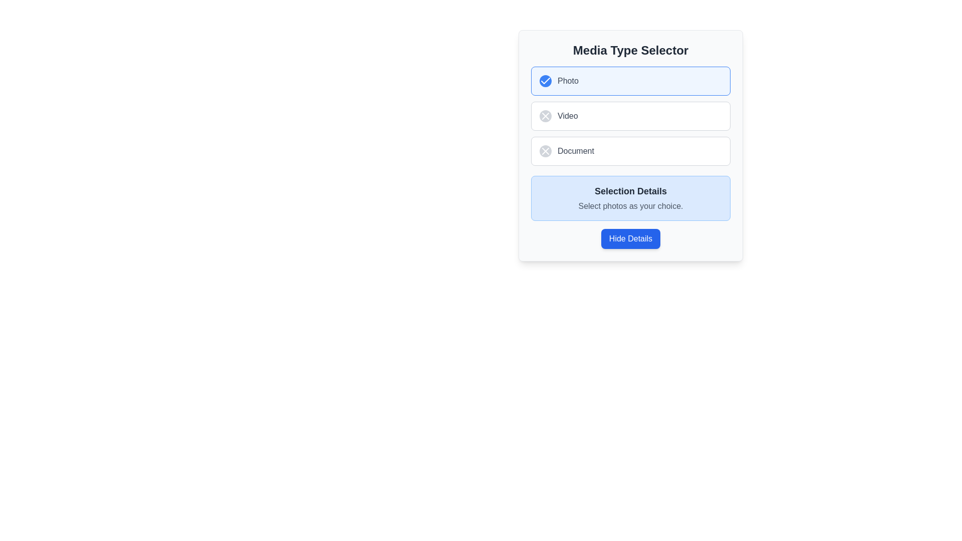 The image size is (962, 541). I want to click on the prominently styled text label that reads 'Selection Details', which is located in the lower section of the 'Media Type Selector' card, so click(630, 191).